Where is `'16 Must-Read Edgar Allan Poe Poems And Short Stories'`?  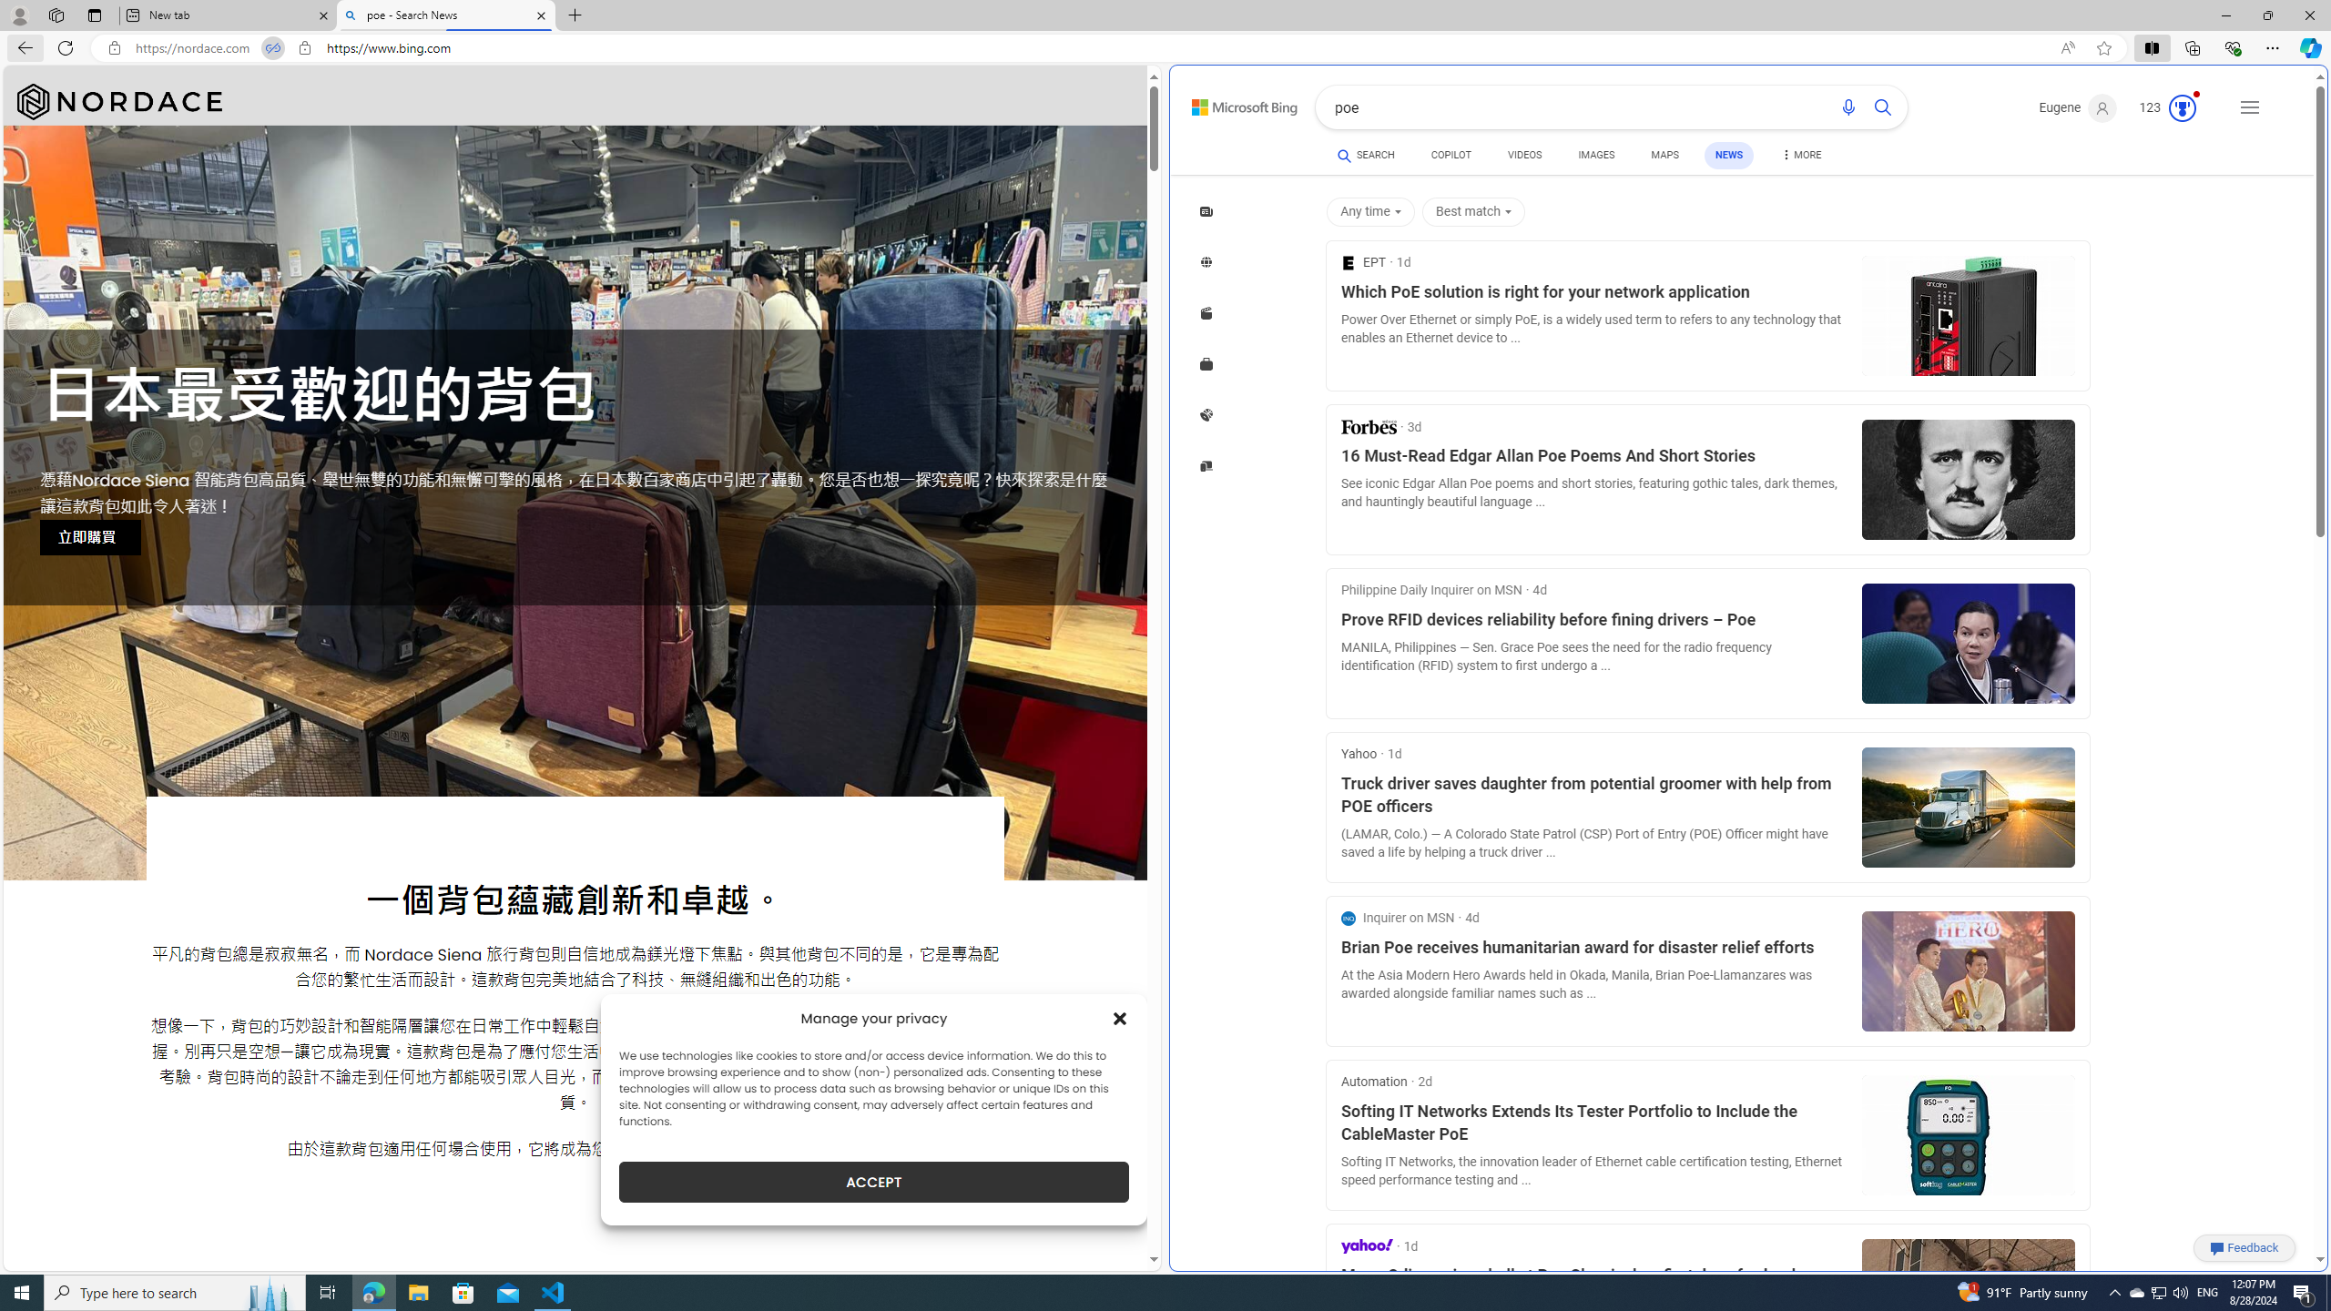 '16 Must-Read Edgar Allan Poe Poems And Short Stories' is located at coordinates (1593, 456).